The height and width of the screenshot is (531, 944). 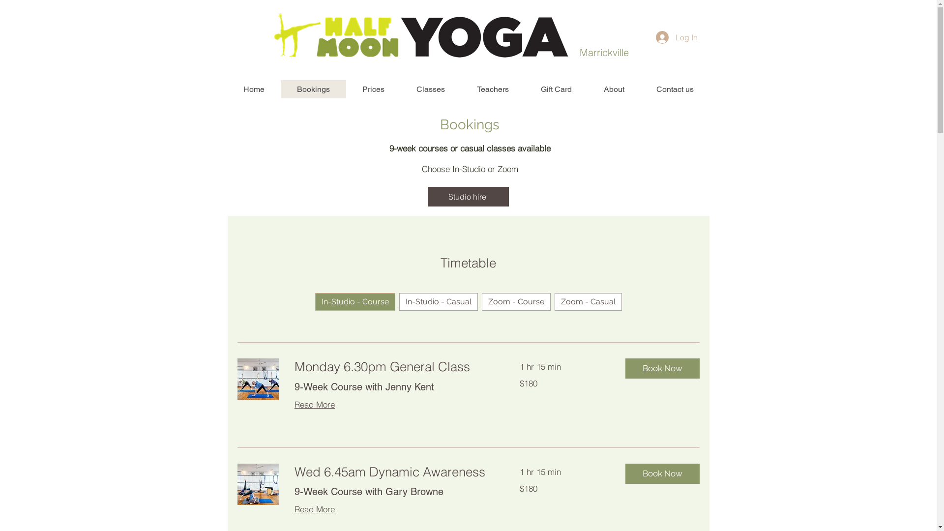 I want to click on 'Contact us', so click(x=674, y=89).